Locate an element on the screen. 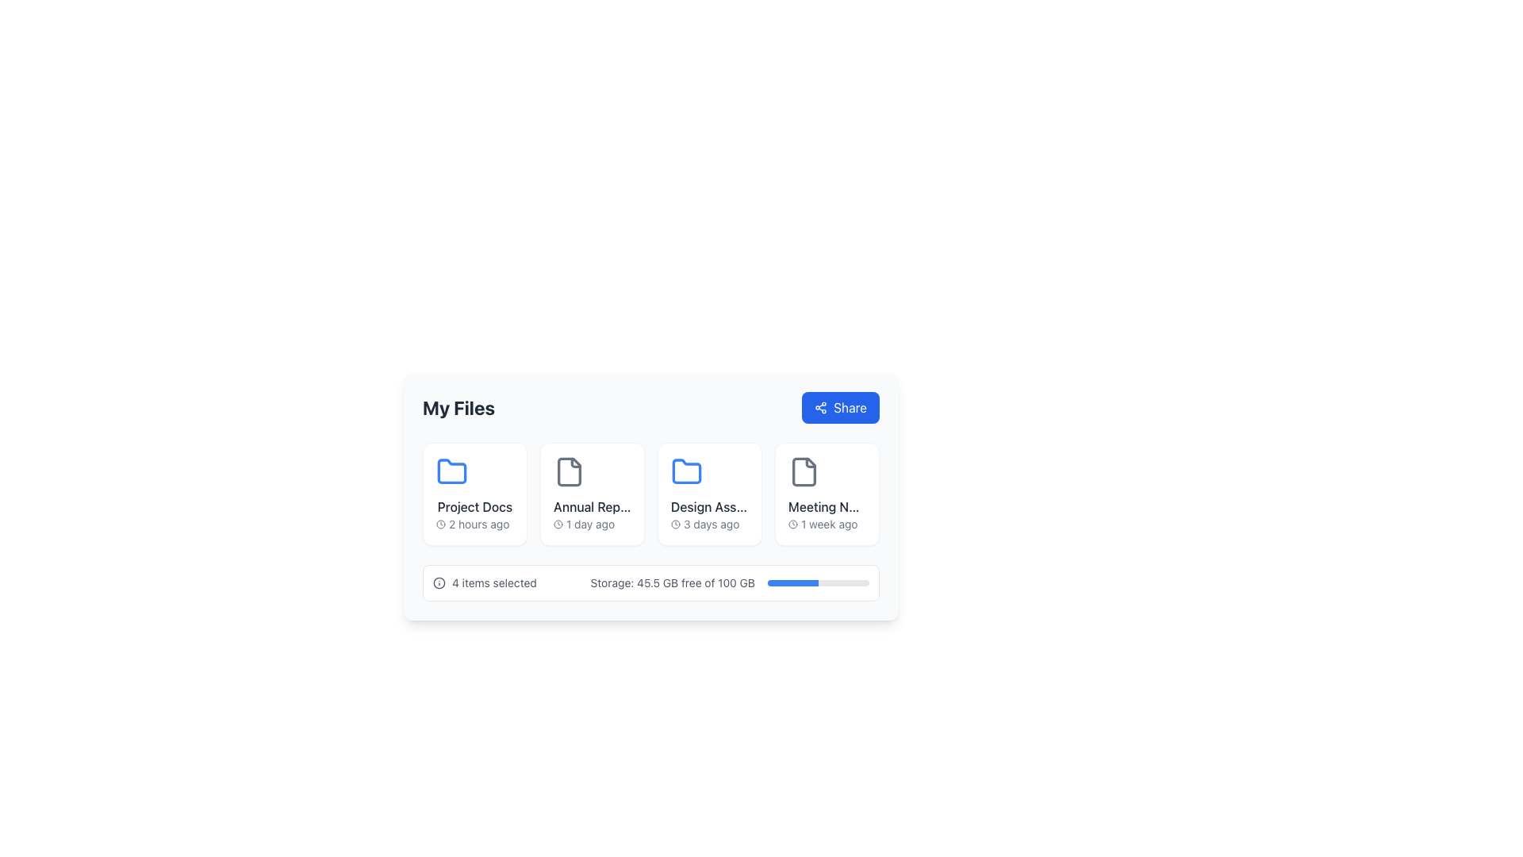 Image resolution: width=1523 pixels, height=857 pixels. the gray document icon with a folded corner, which is the second item in the row of file items under the 'My Files' section is located at coordinates (570, 471).